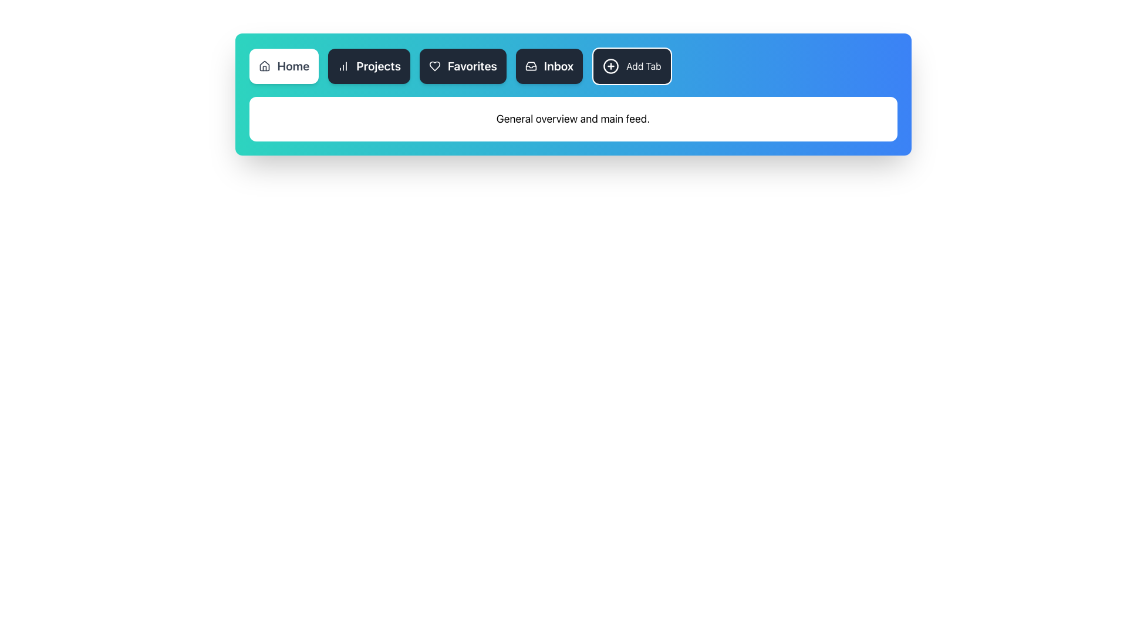 The height and width of the screenshot is (634, 1127). I want to click on text from the 'Inbox' text label, which is a bold, larger white font on a dark background located in the navigation bar, so click(558, 66).